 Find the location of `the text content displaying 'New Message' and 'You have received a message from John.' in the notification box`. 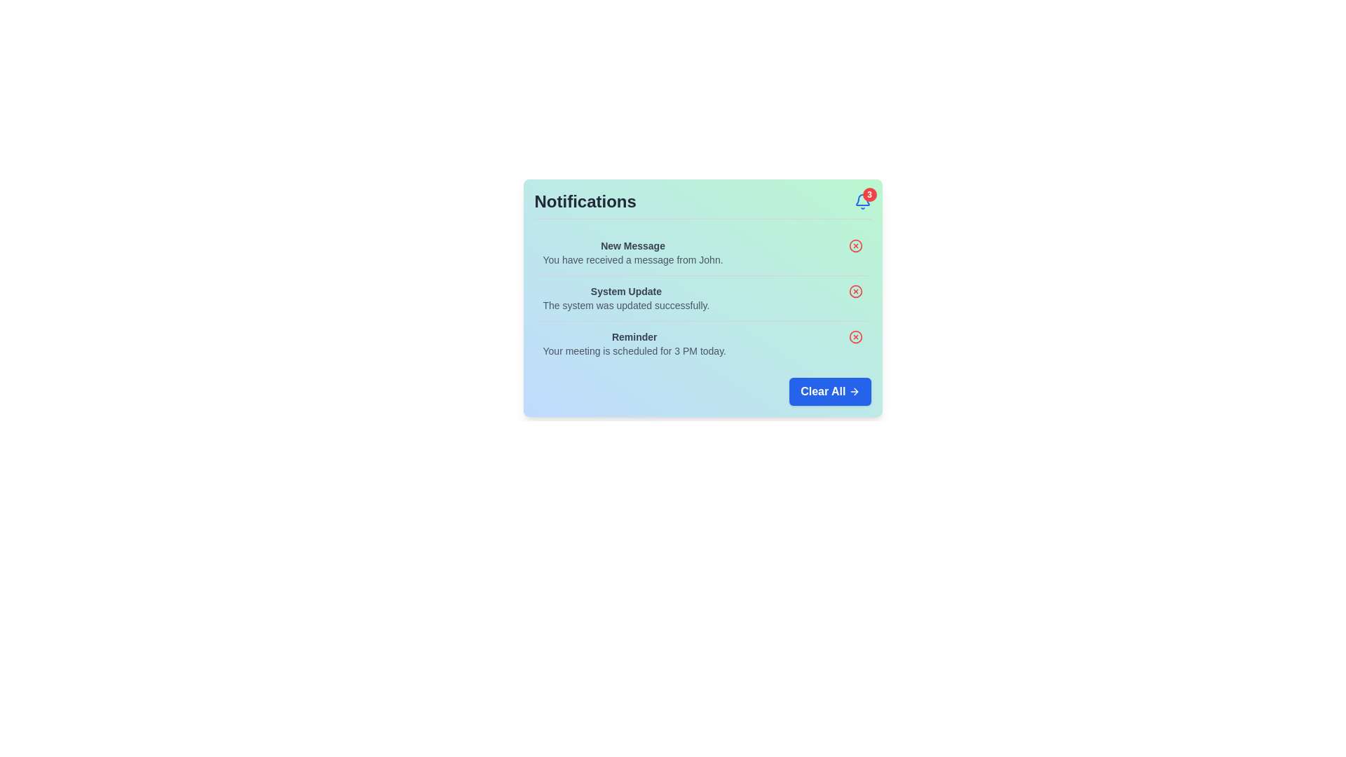

the text content displaying 'New Message' and 'You have received a message from John.' in the notification box is located at coordinates (632, 253).